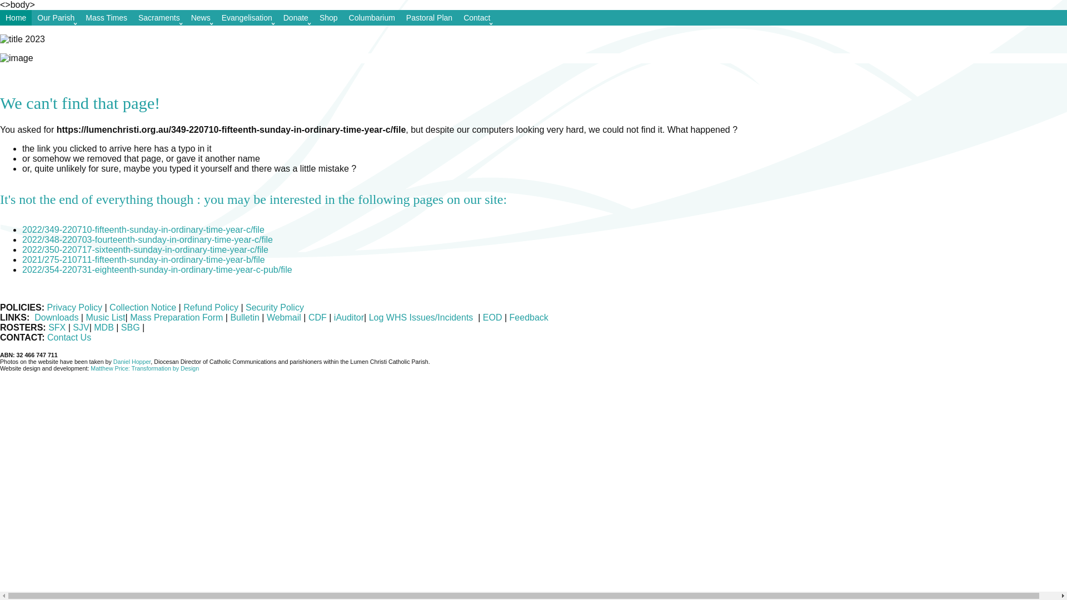 The width and height of the screenshot is (1067, 600). Describe the element at coordinates (506, 317) in the screenshot. I see `'Feedback'` at that location.